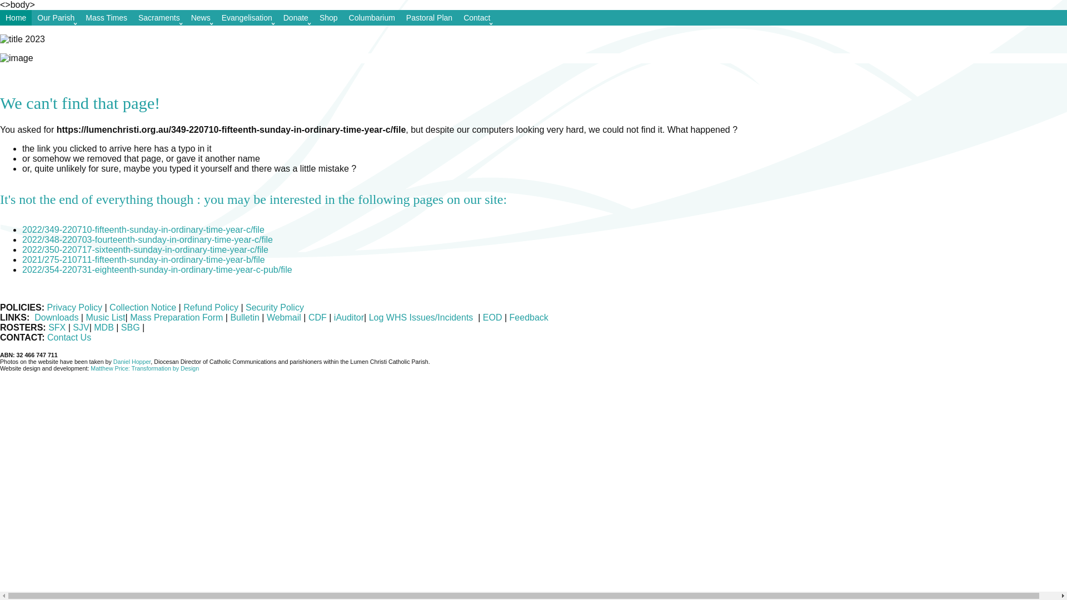 The width and height of the screenshot is (1067, 600). Describe the element at coordinates (506, 317) in the screenshot. I see `'Feedback'` at that location.